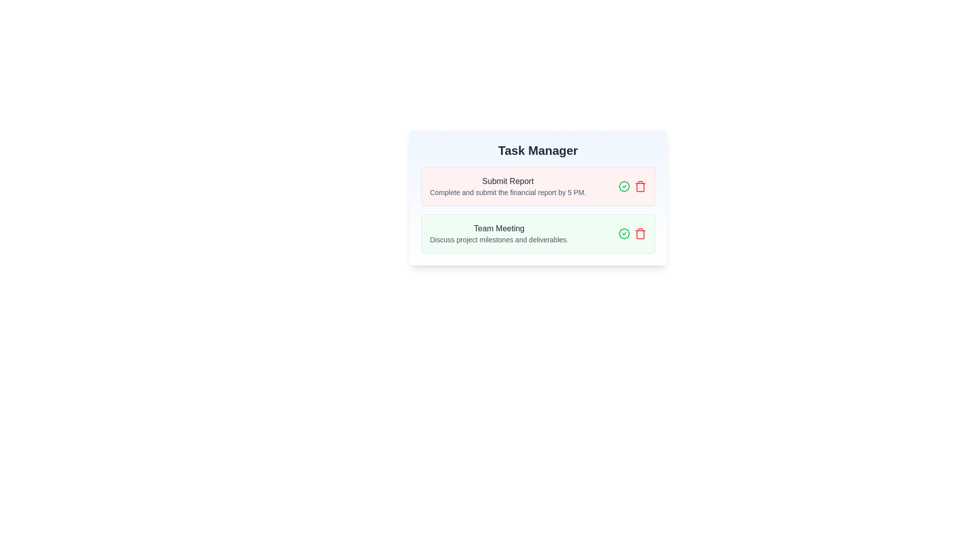 Image resolution: width=966 pixels, height=543 pixels. Describe the element at coordinates (499, 229) in the screenshot. I see `the 'Team Meeting' text label, which is a prominent heading in the Task Manager interface, located at the center of its section` at that location.